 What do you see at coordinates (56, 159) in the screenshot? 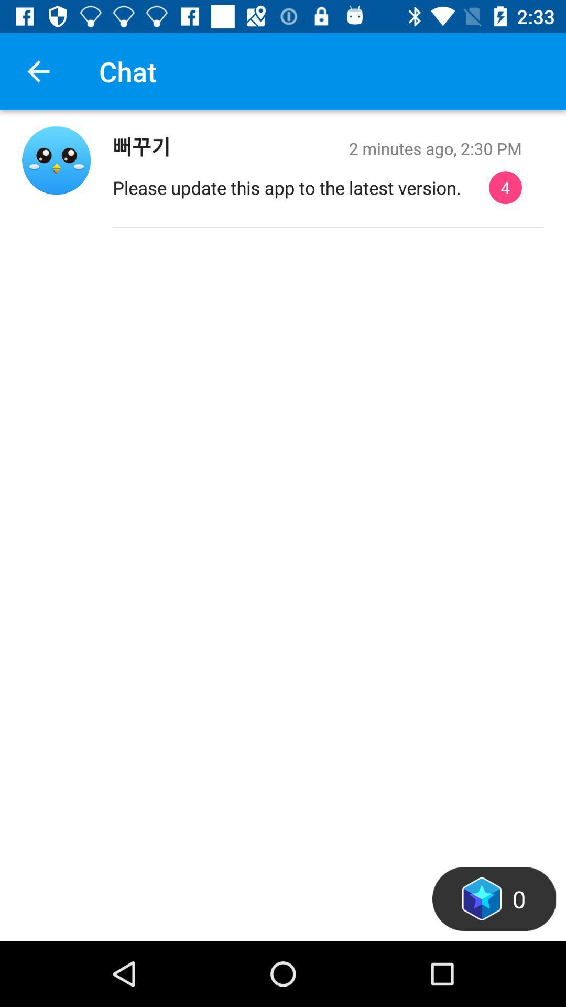
I see `profile page` at bounding box center [56, 159].